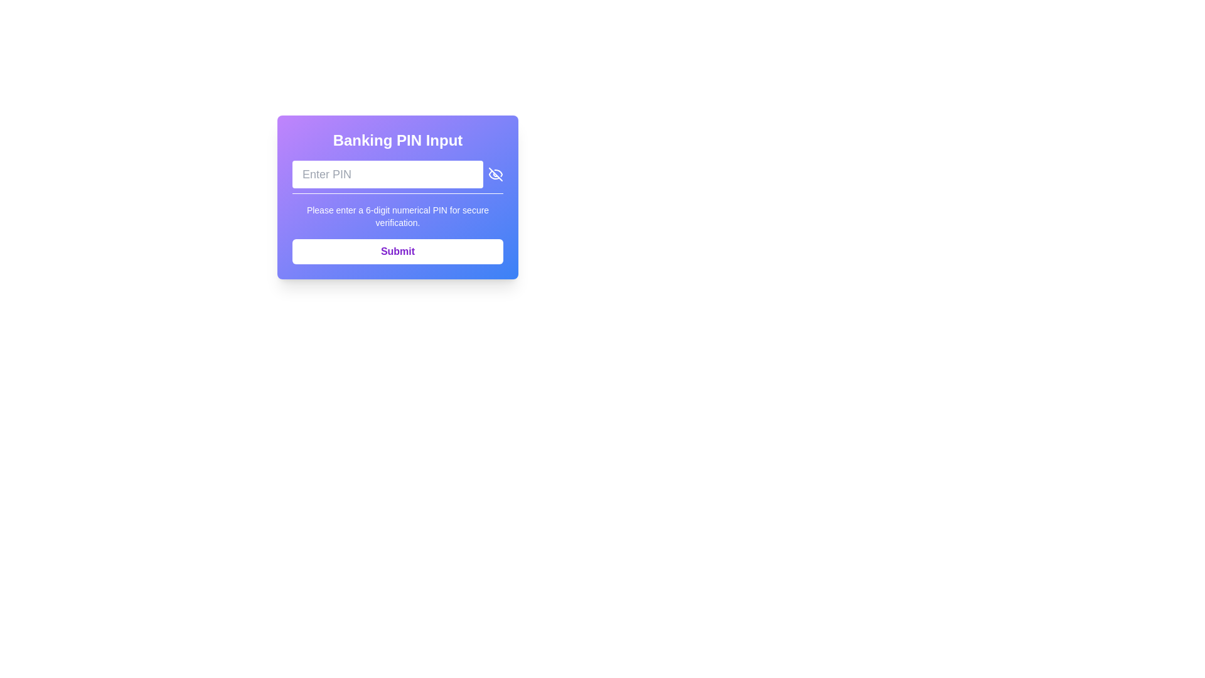 The image size is (1205, 678). What do you see at coordinates (397, 252) in the screenshot?
I see `the 'Submit' button with rounded edges and a white background to observe its hover effect, which changes the background color to light purple` at bounding box center [397, 252].